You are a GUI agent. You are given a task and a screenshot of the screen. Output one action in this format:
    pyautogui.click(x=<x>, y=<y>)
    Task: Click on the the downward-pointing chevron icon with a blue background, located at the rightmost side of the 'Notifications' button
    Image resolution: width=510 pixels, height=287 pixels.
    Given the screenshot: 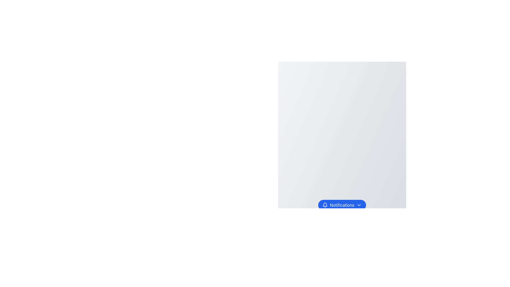 What is the action you would take?
    pyautogui.click(x=359, y=205)
    